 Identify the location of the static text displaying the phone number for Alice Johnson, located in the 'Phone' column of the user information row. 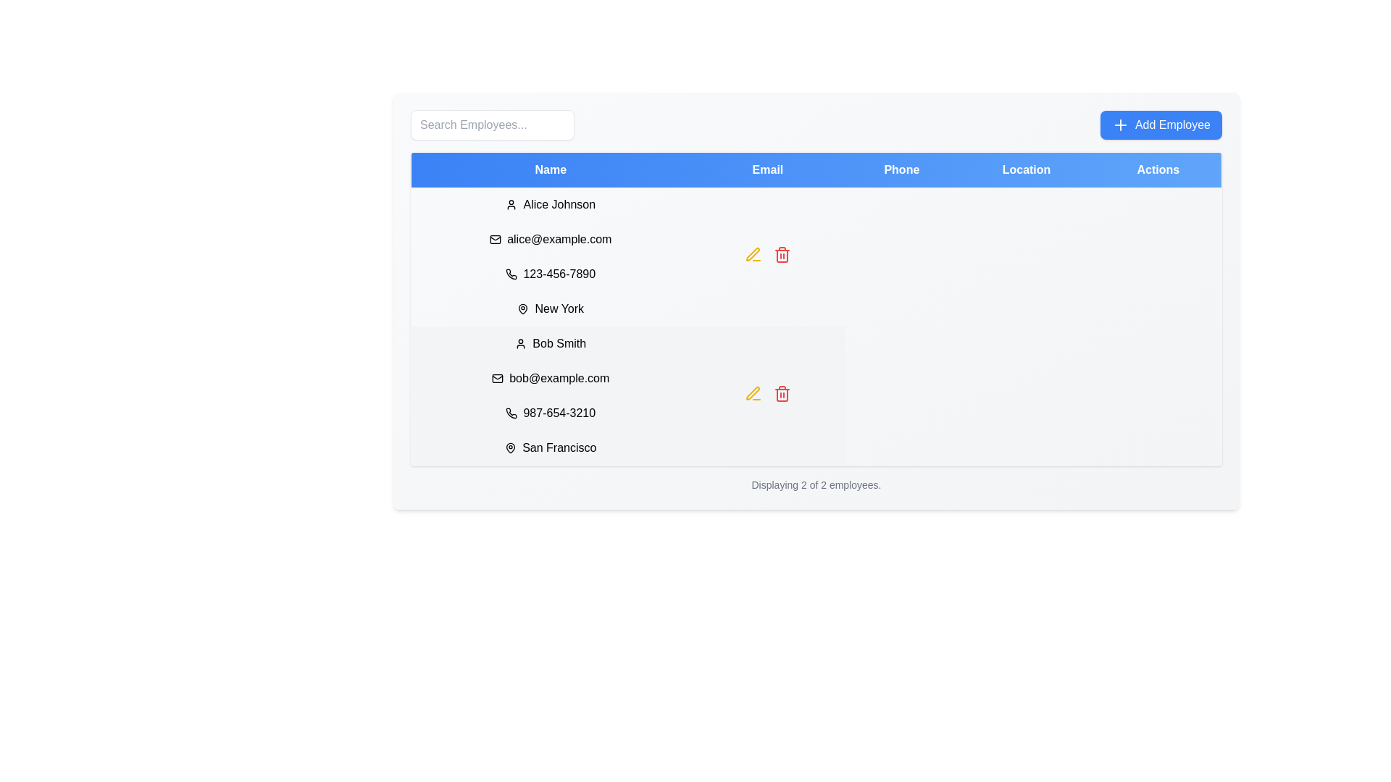
(550, 274).